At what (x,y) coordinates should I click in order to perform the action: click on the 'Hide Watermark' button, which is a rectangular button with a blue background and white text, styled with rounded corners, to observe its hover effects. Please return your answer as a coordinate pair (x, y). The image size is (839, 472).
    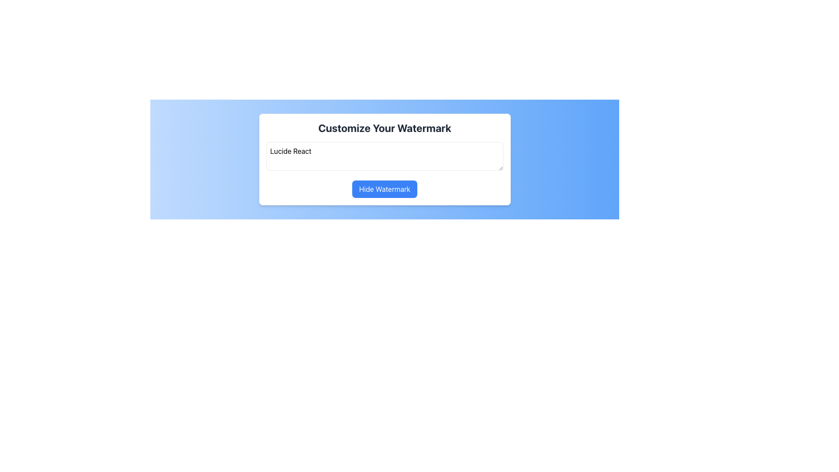
    Looking at the image, I should click on (385, 188).